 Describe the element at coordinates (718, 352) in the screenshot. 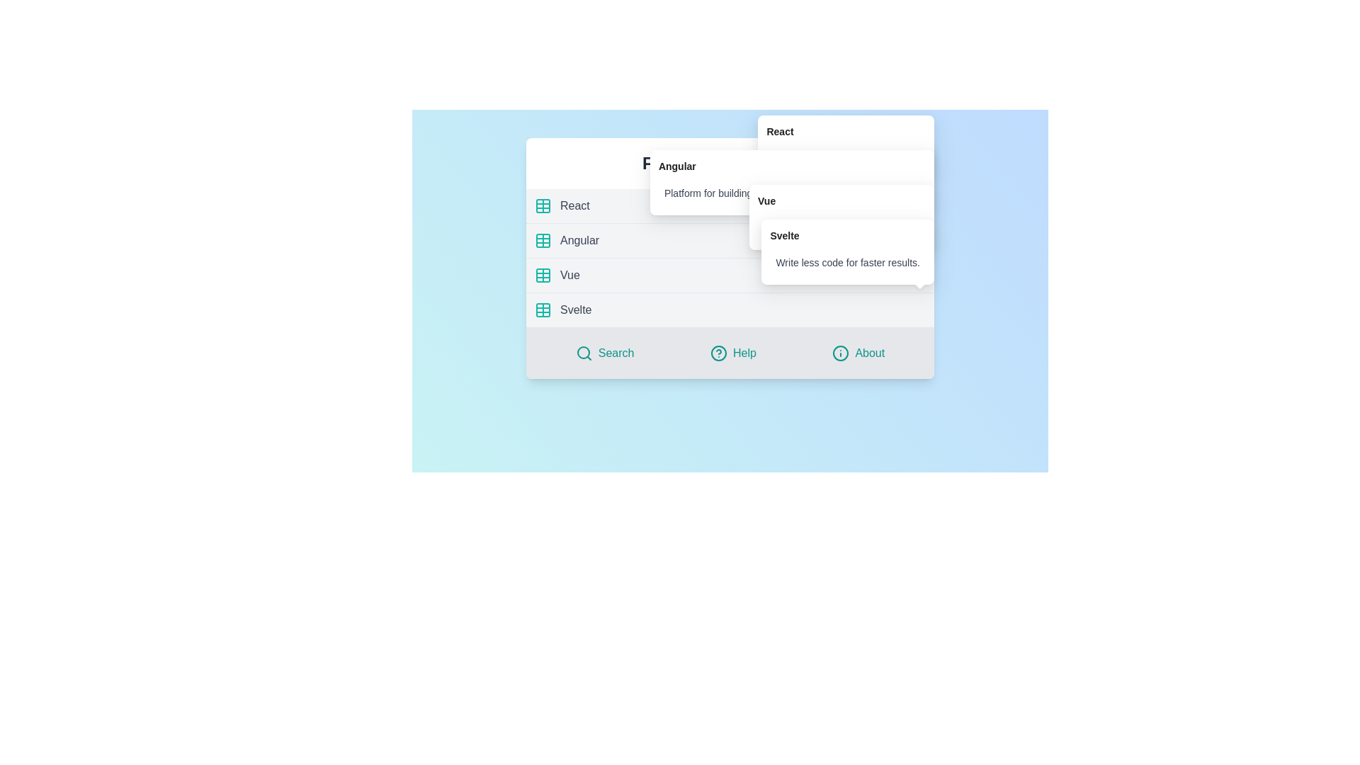

I see `the 'Help' icon located in the footer section of the interface for accessibility purposes` at that location.